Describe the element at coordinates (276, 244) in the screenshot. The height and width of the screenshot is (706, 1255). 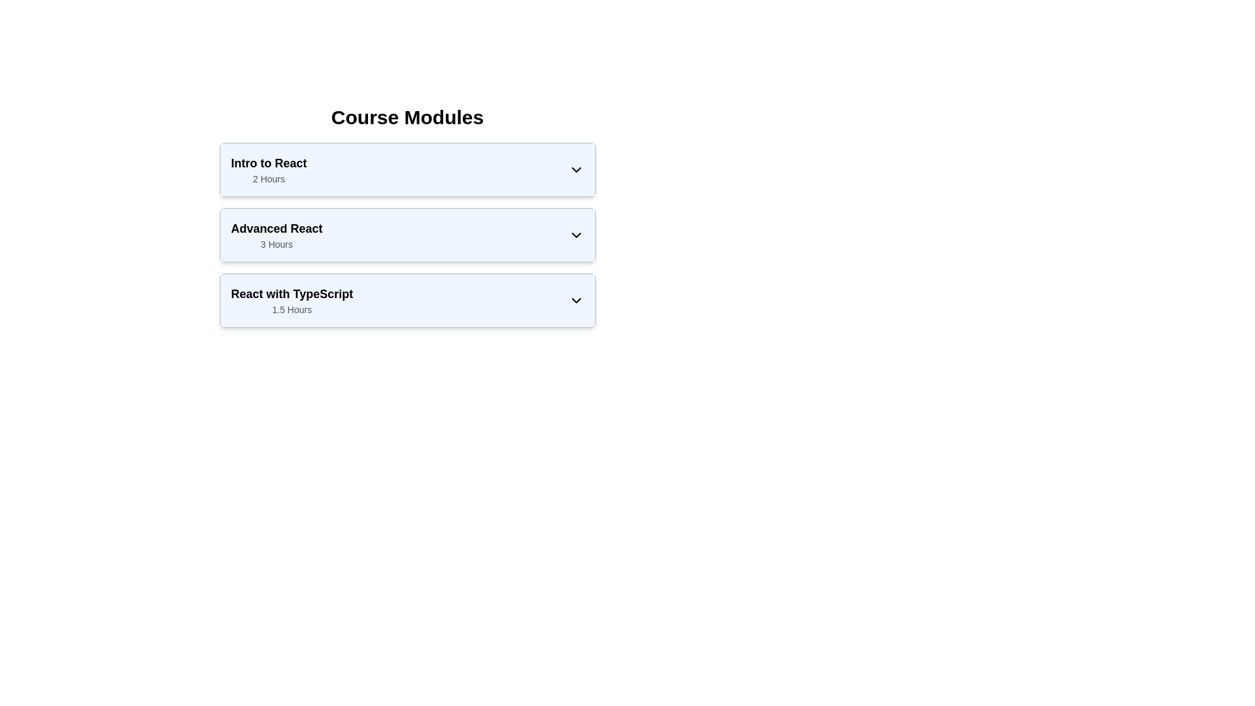
I see `text content of the label indicating the duration of the 'Advanced React' course module, which is located directly below the module title in the Course Modules section` at that location.